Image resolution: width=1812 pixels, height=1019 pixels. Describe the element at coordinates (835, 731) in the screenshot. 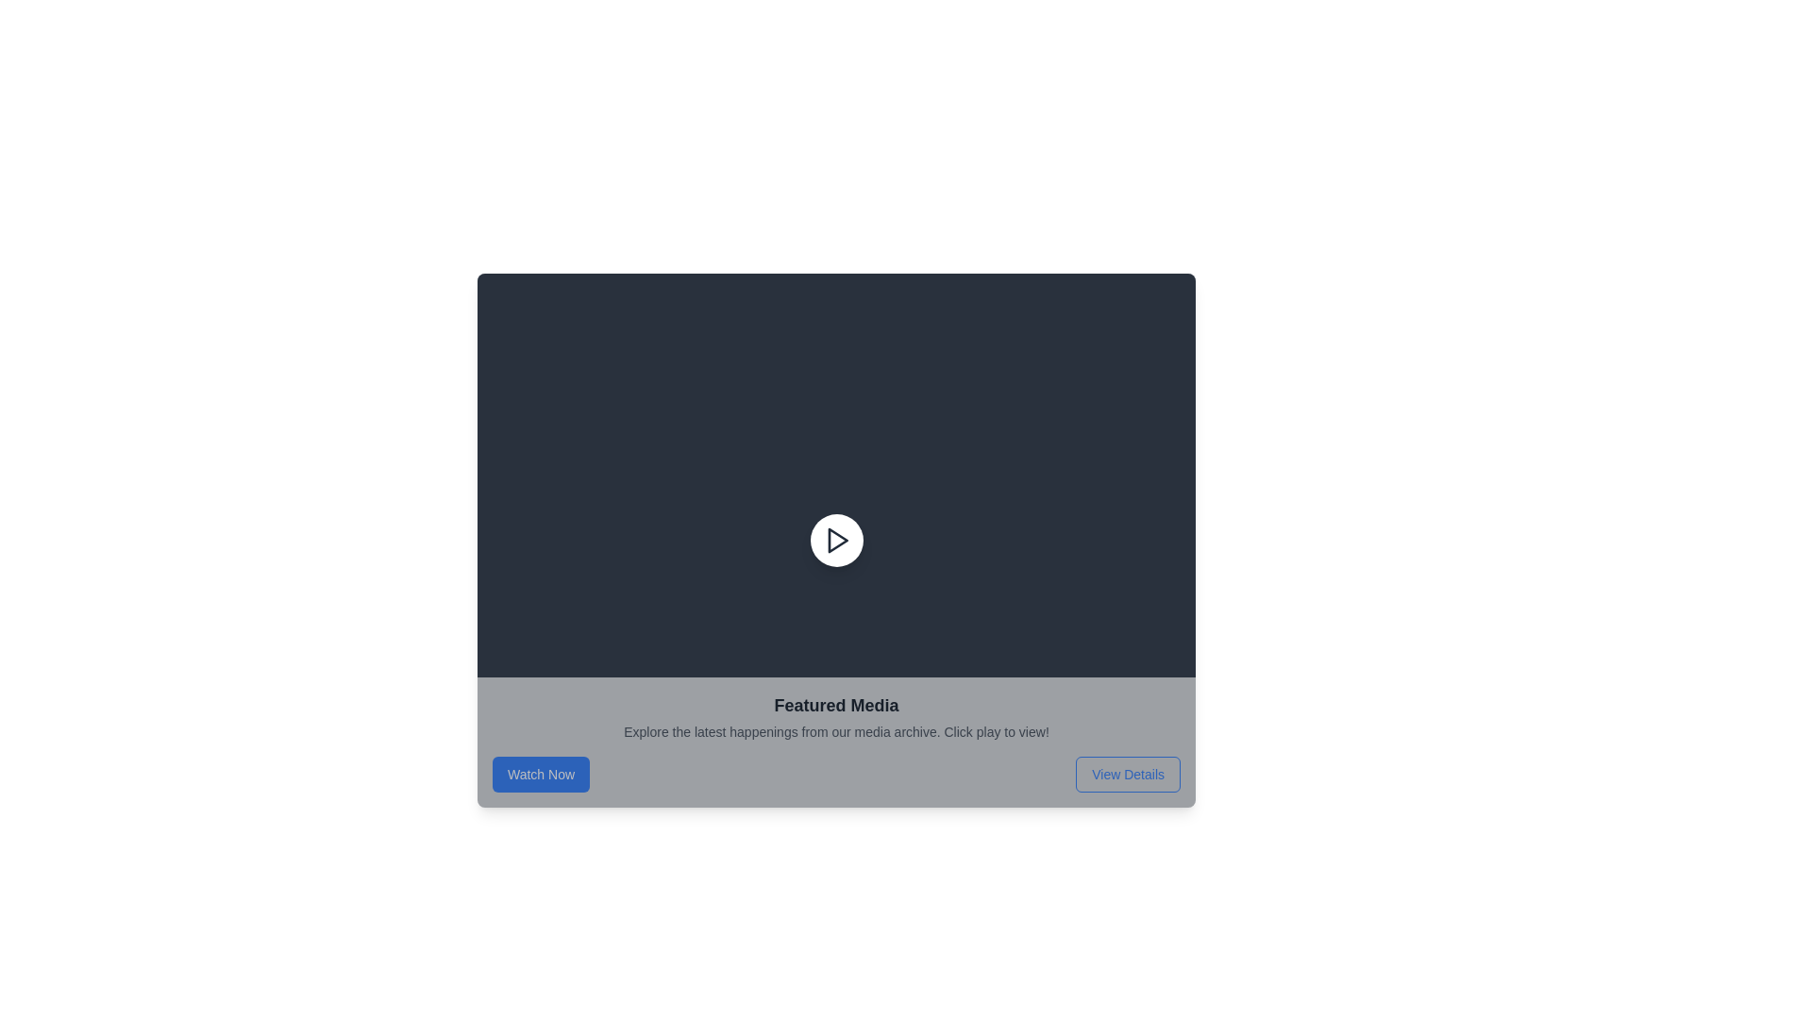

I see `the descriptive text element that provides context about the media content, located below the 'Featured Media' heading` at that location.